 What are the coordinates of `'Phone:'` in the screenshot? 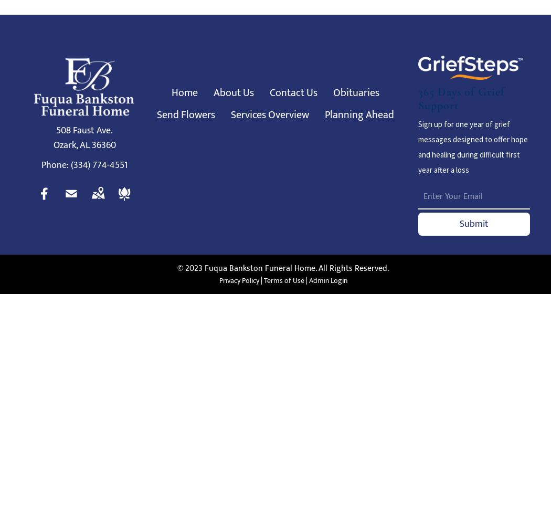 It's located at (56, 164).